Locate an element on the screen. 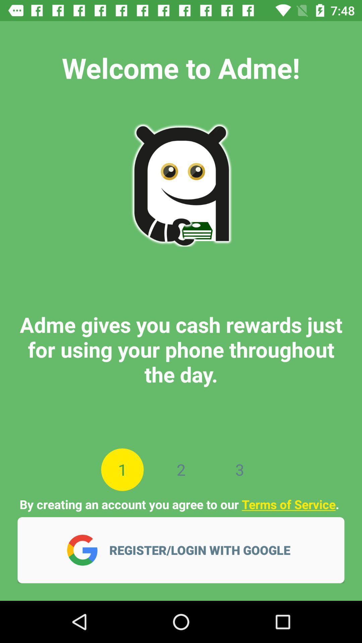 Image resolution: width=362 pixels, height=643 pixels. the 1 app is located at coordinates (122, 469).